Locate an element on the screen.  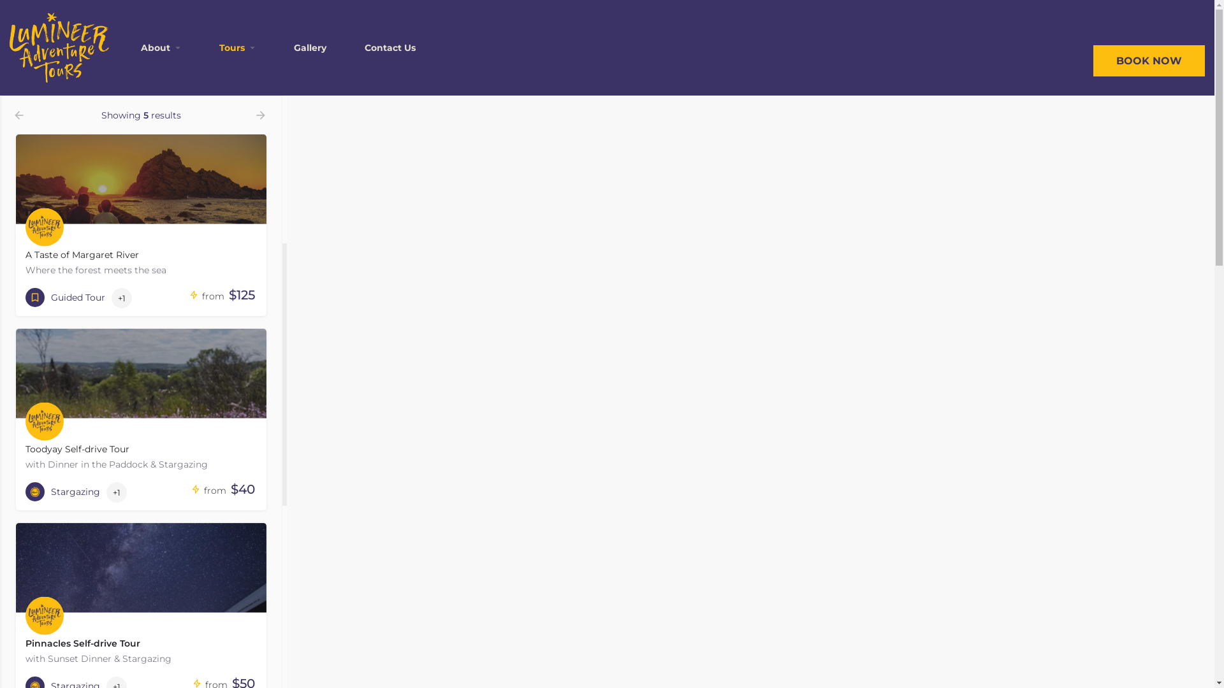
'Pinnacles Self-drive Tour is located at coordinates (141, 596).